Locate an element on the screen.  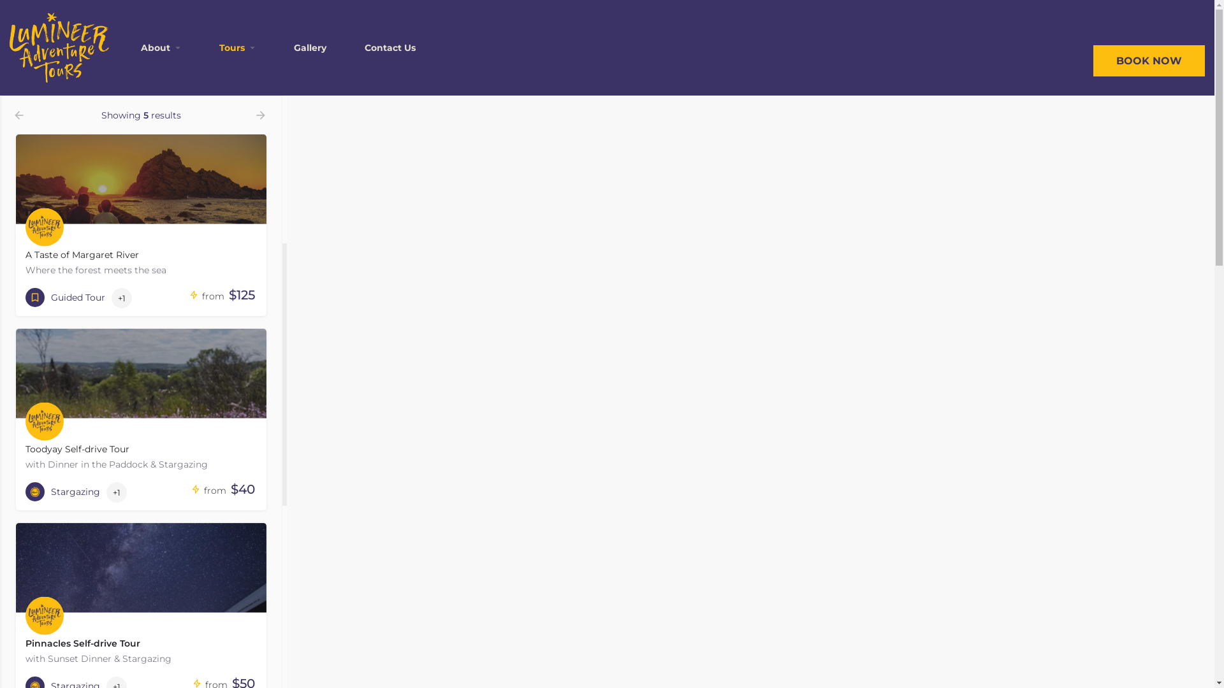
'Pinnacles Self-drive Tour is located at coordinates (141, 596).